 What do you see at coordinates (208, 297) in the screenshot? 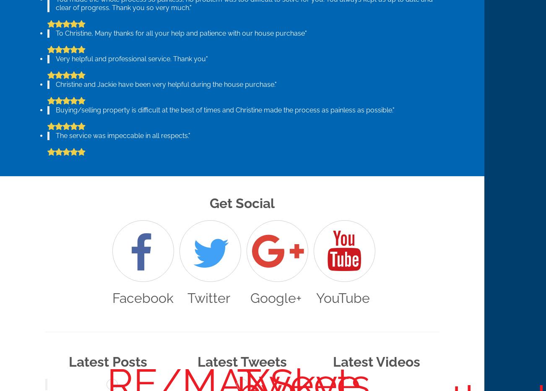
I see `'Twitter'` at bounding box center [208, 297].